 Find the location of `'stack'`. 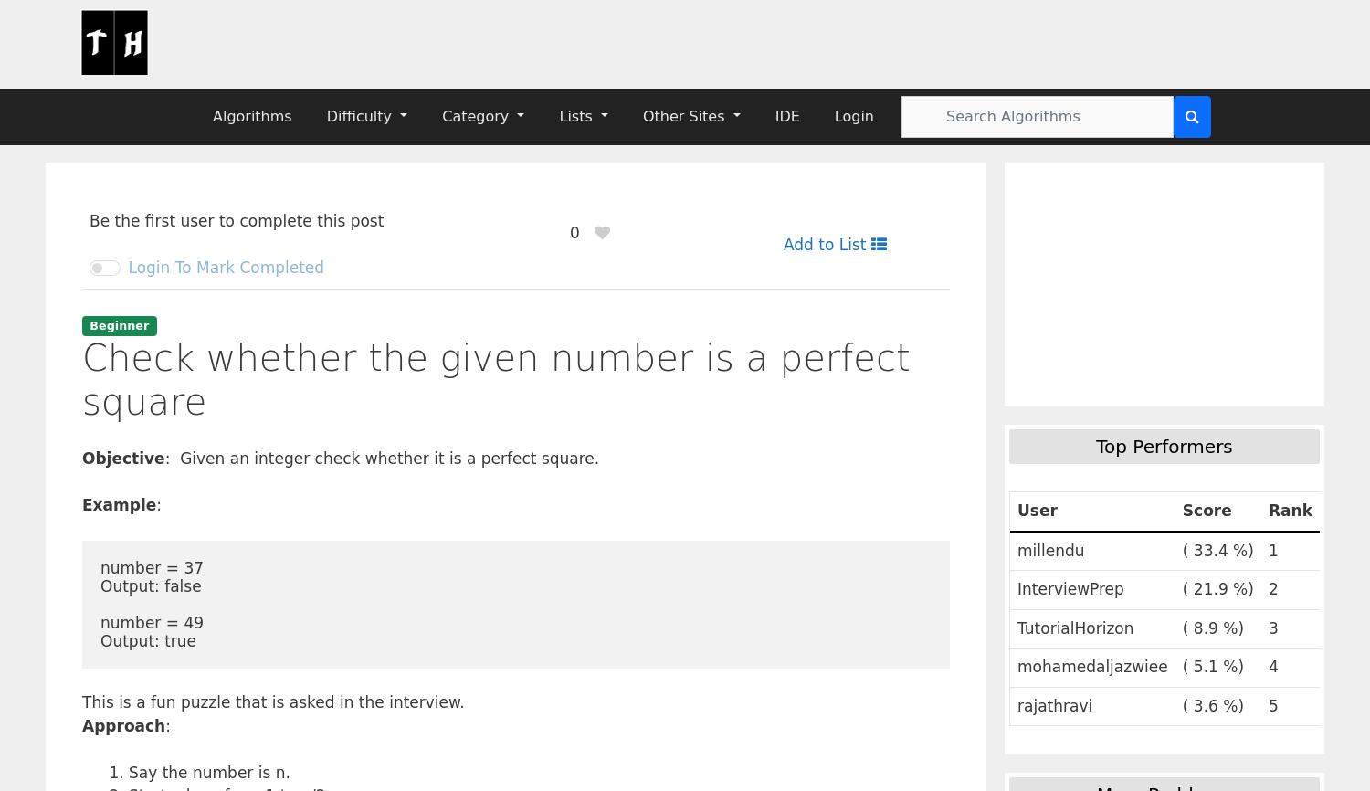

'stack' is located at coordinates (1045, 575).